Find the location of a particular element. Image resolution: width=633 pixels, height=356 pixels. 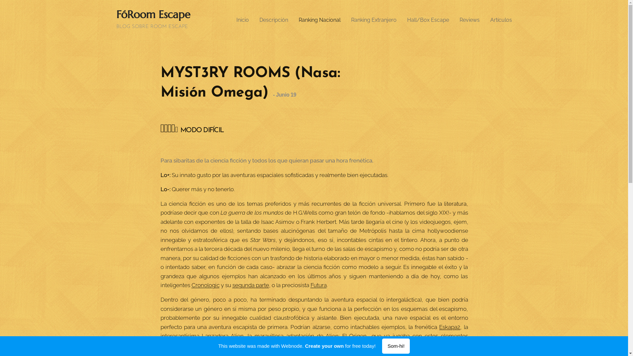

'Alien: El Origen' is located at coordinates (346, 336).